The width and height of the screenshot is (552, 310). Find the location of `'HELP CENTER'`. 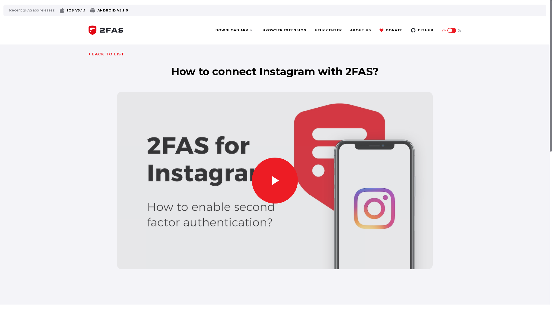

'HELP CENTER' is located at coordinates (328, 30).